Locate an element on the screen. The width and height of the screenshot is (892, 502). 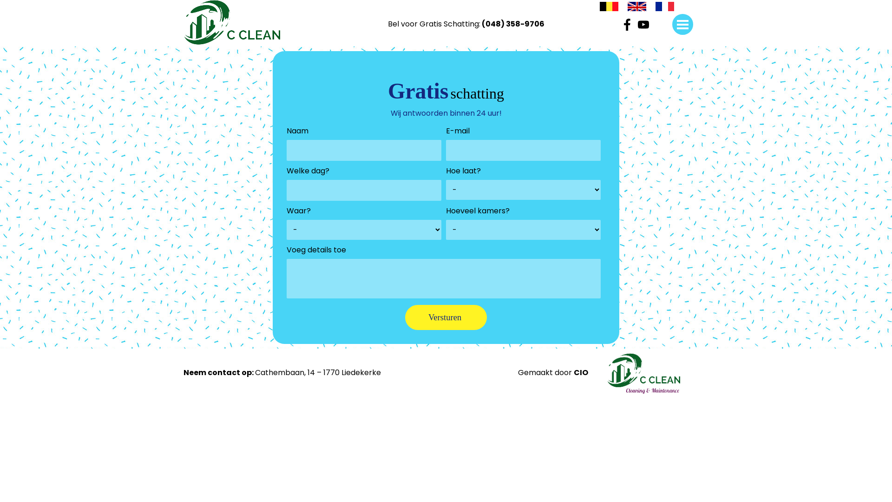
'(' is located at coordinates (483, 23).